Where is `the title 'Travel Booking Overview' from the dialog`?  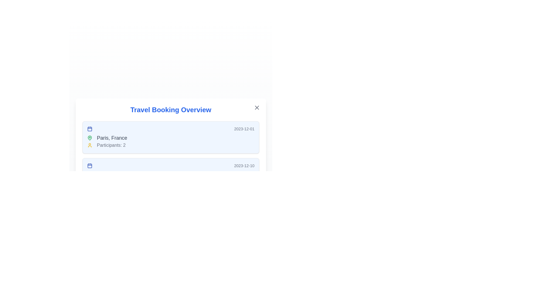 the title 'Travel Booking Overview' from the dialog is located at coordinates (171, 110).